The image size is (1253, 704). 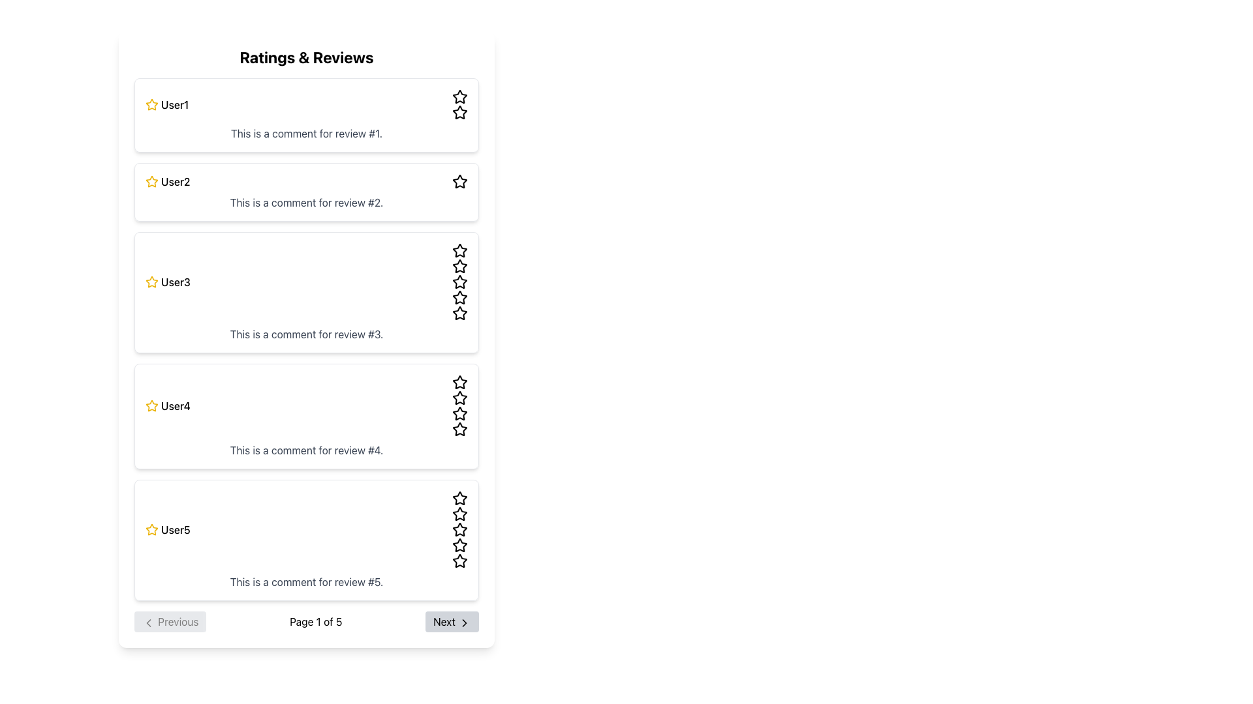 What do you see at coordinates (460, 104) in the screenshot?
I see `the vertical stack of two outlined star icons located on the far right of the review entry for 'User1' to interact with the individual stars` at bounding box center [460, 104].